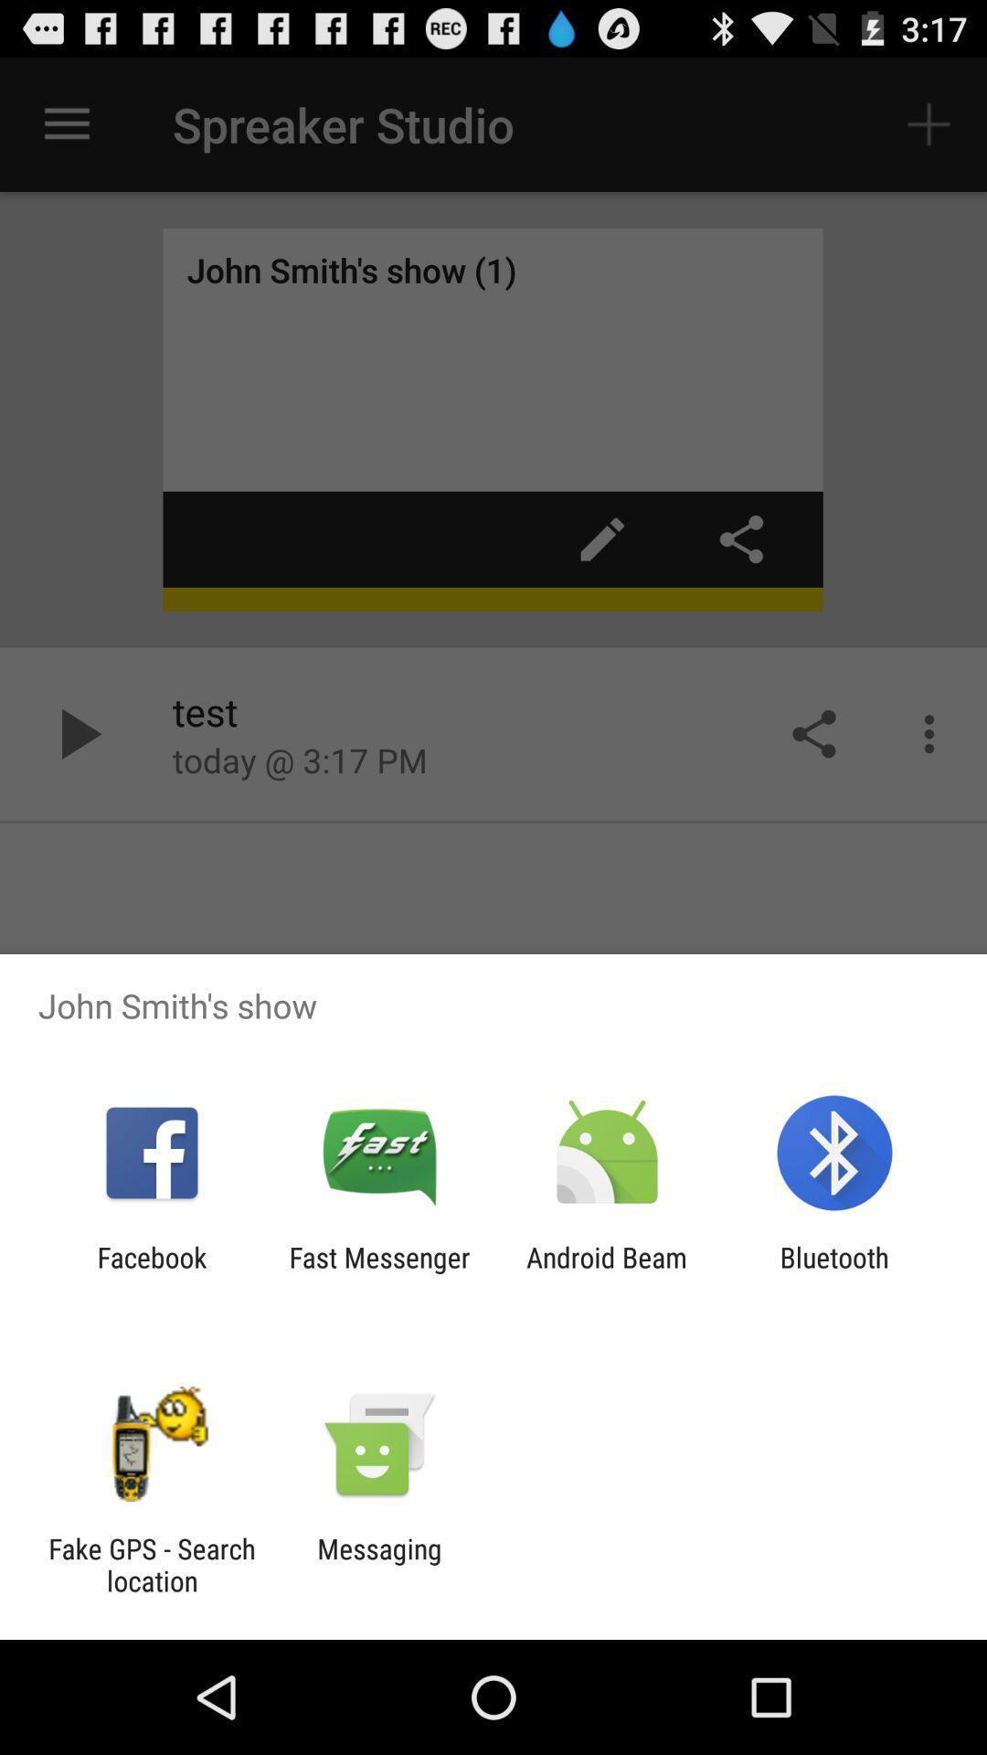 The height and width of the screenshot is (1755, 987). Describe the element at coordinates (151, 1564) in the screenshot. I see `fake gps search item` at that location.